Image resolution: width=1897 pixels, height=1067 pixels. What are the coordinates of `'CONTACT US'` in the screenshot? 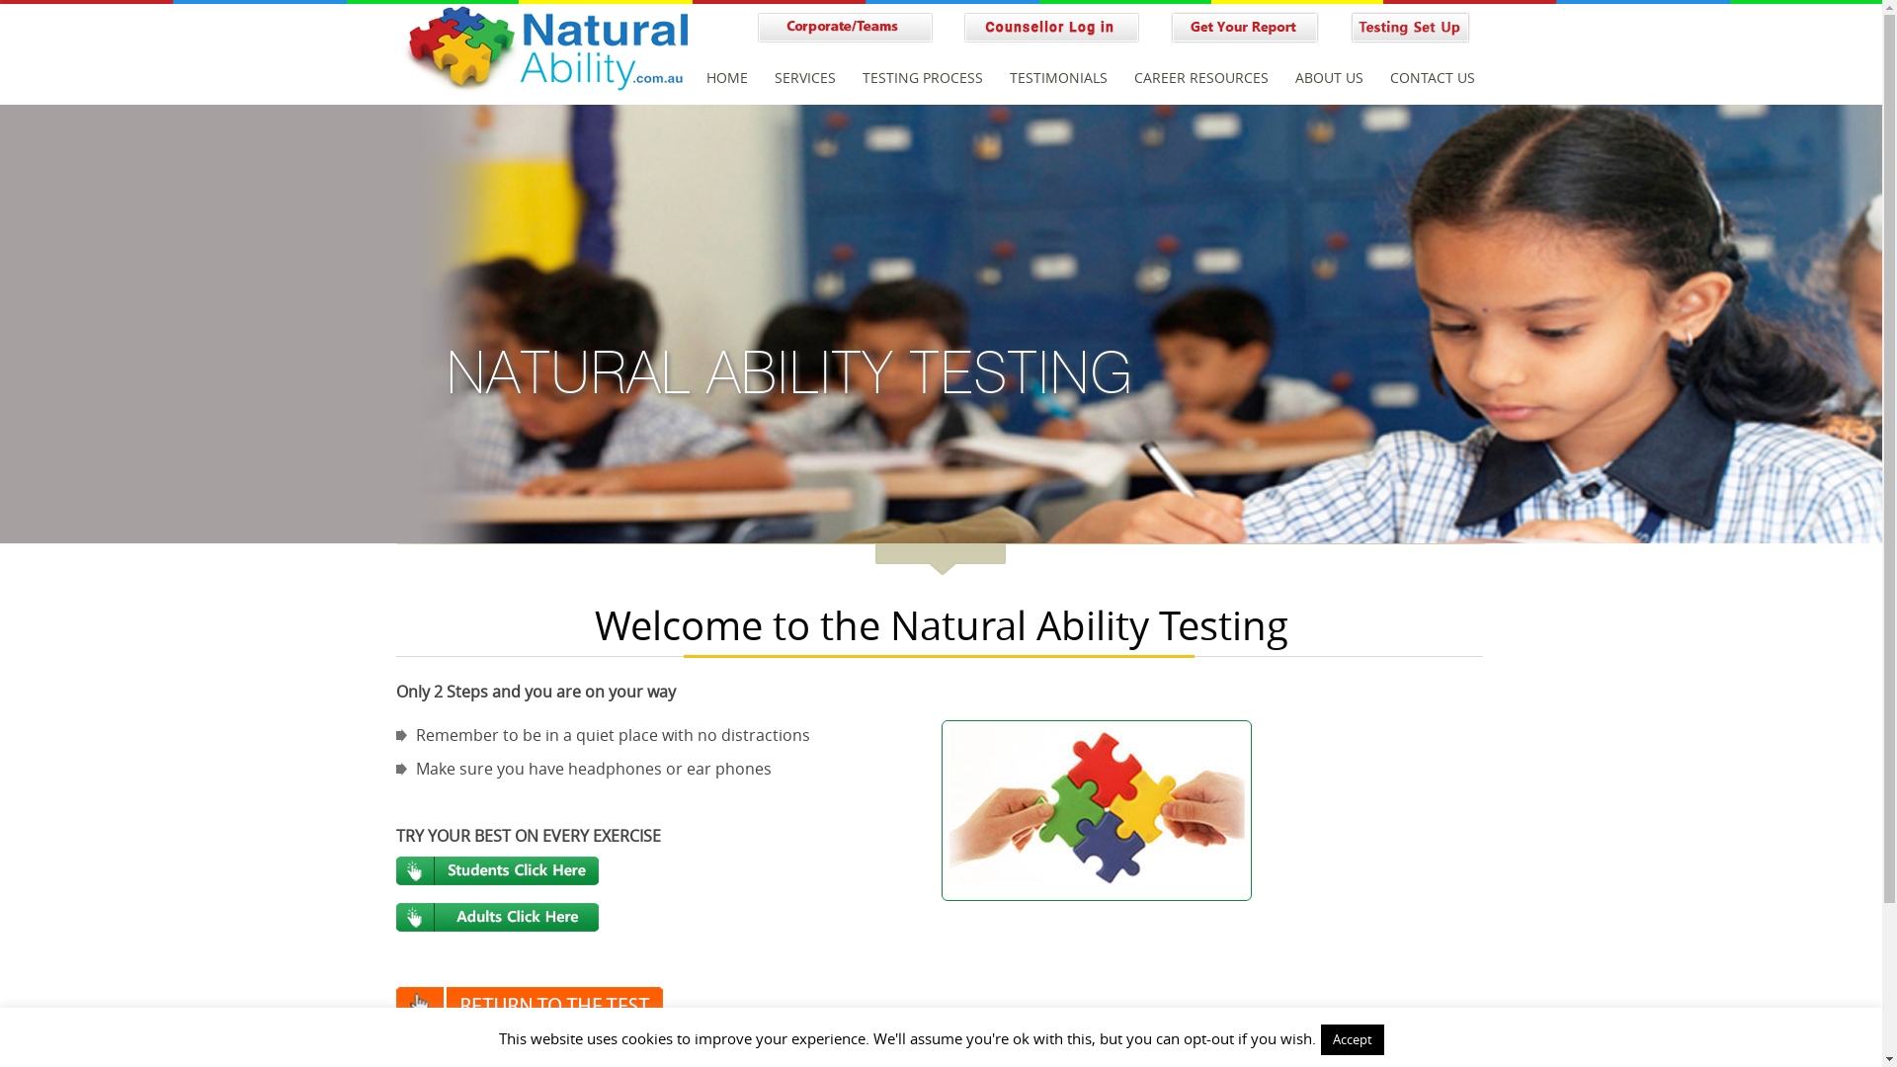 It's located at (1432, 76).